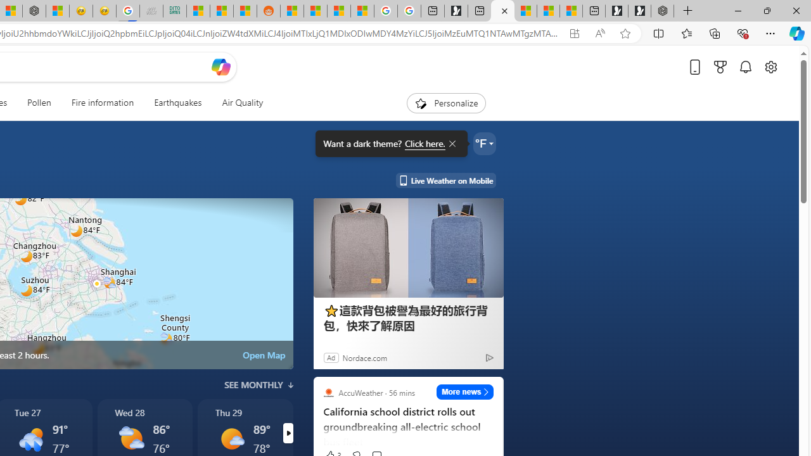 The image size is (811, 456). I want to click on 'Open settings', so click(770, 66).